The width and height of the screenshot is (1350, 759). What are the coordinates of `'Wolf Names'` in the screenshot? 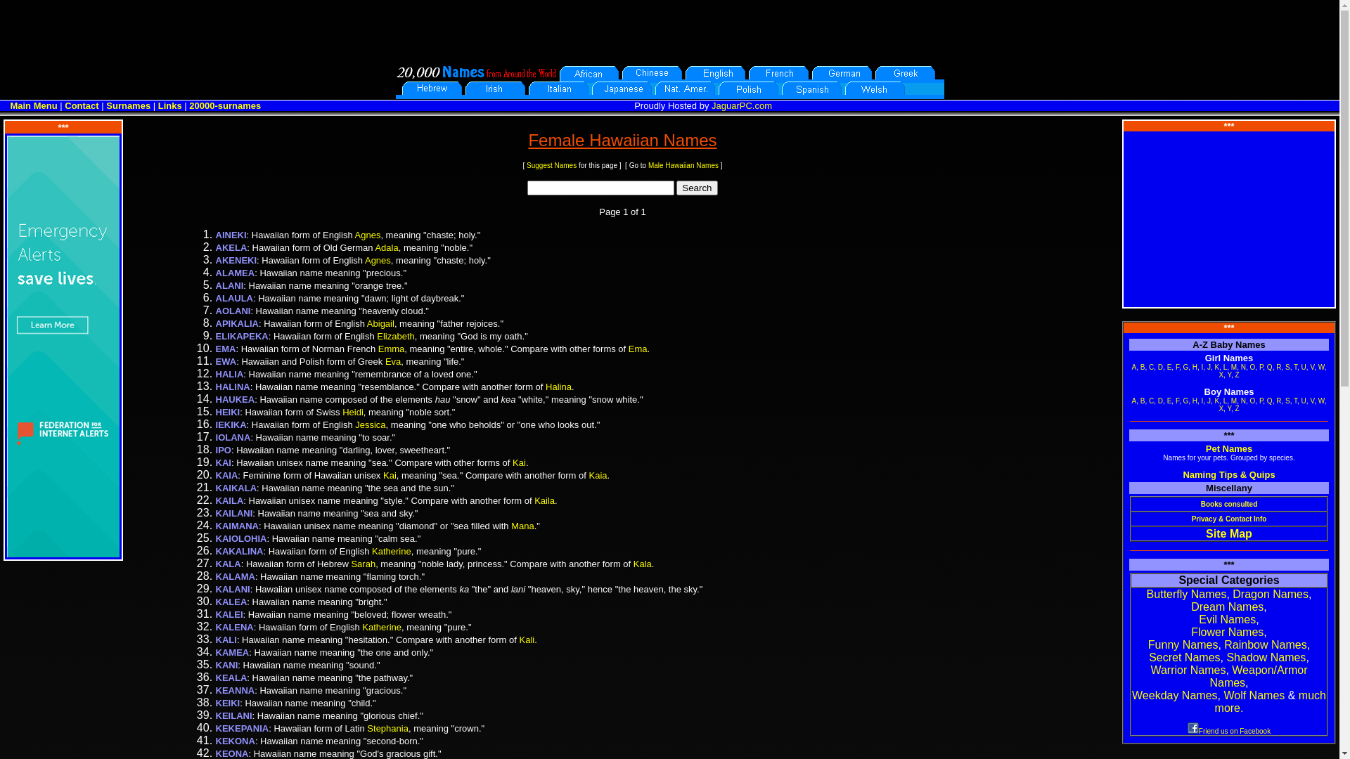 It's located at (1254, 694).